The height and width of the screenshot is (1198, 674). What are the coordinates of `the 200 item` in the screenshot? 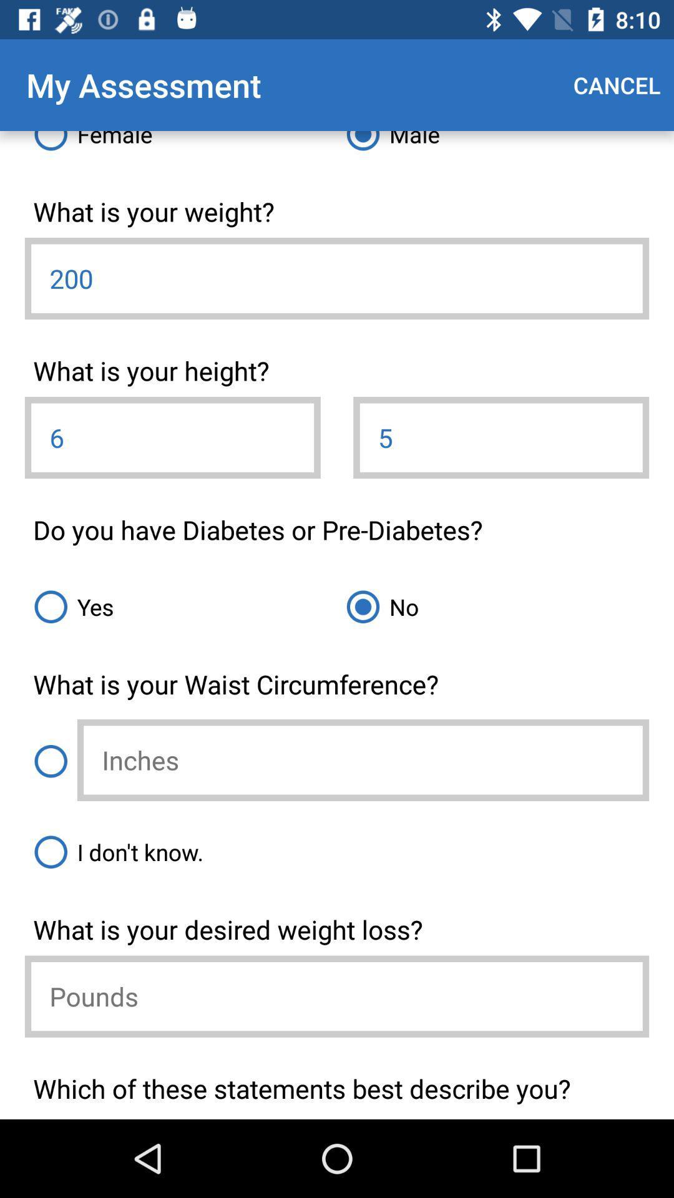 It's located at (337, 278).